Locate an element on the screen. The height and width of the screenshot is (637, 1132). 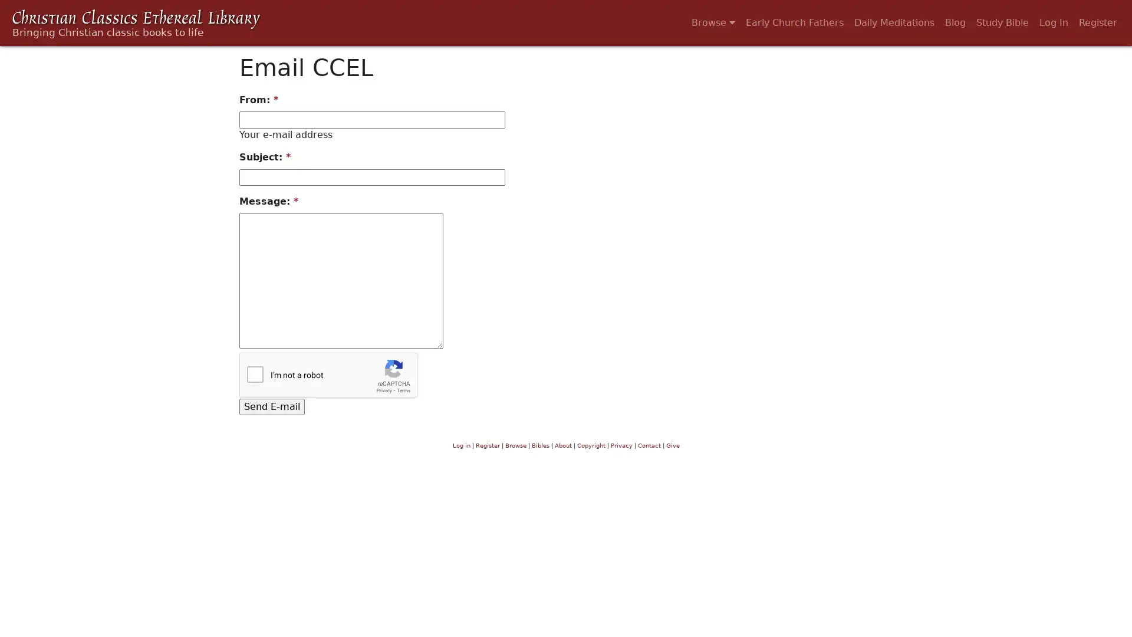
Send E-mail is located at coordinates (271, 406).